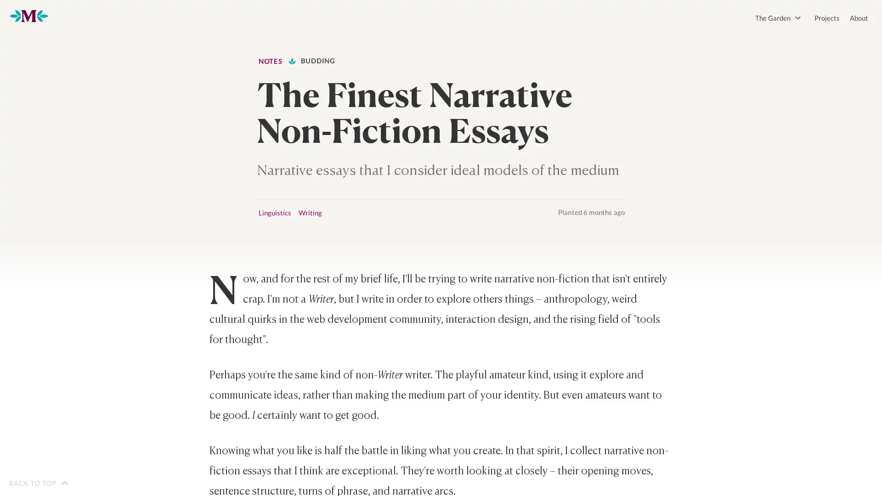  Describe the element at coordinates (38, 483) in the screenshot. I see `BACK TO TOP` at that location.